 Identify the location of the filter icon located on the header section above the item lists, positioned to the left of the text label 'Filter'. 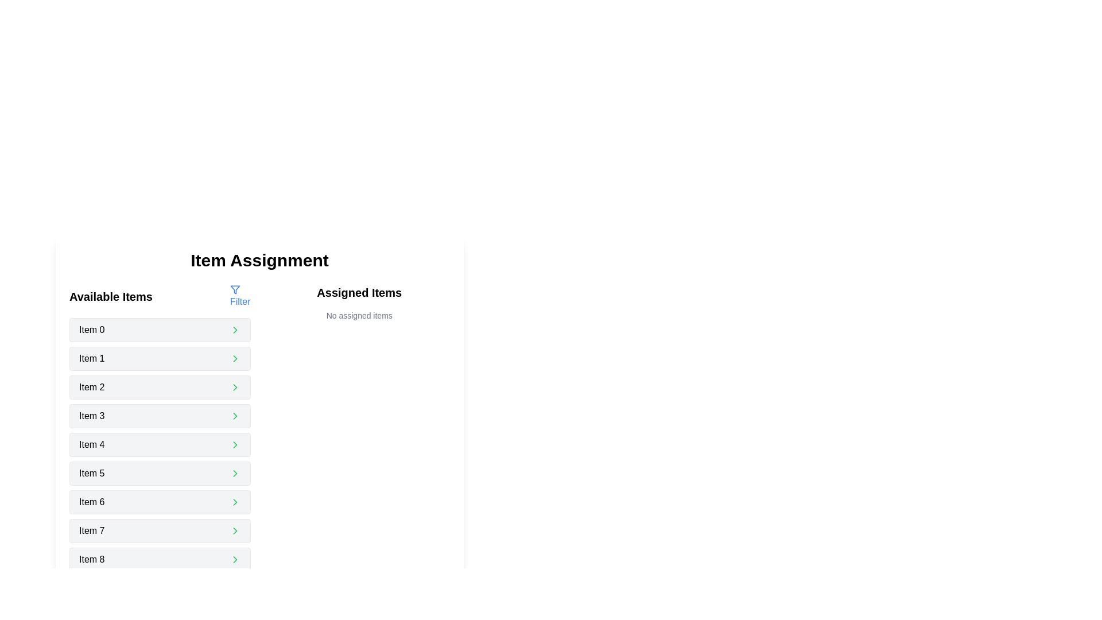
(234, 289).